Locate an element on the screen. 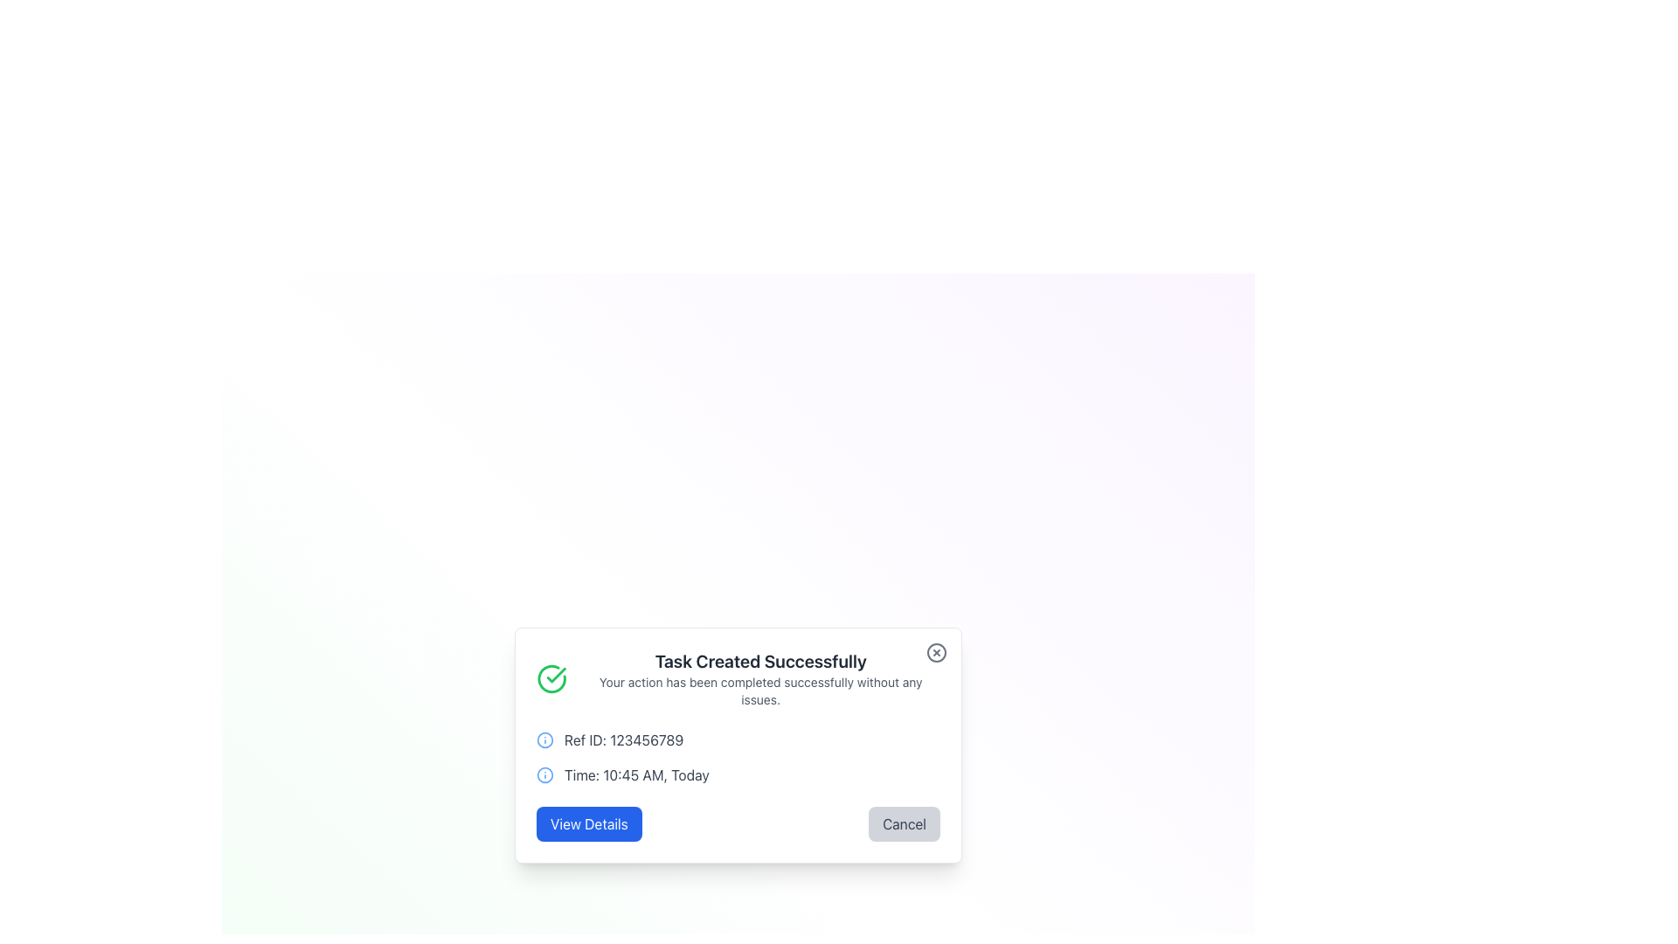 This screenshot has height=944, width=1678. the button located in the lower-left corner of the dialog box is located at coordinates (589, 823).